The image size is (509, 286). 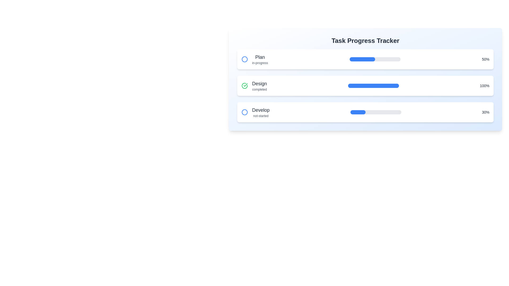 What do you see at coordinates (485, 86) in the screenshot?
I see `the text label displaying '100%' located at the far right end of the 'Design' task card` at bounding box center [485, 86].